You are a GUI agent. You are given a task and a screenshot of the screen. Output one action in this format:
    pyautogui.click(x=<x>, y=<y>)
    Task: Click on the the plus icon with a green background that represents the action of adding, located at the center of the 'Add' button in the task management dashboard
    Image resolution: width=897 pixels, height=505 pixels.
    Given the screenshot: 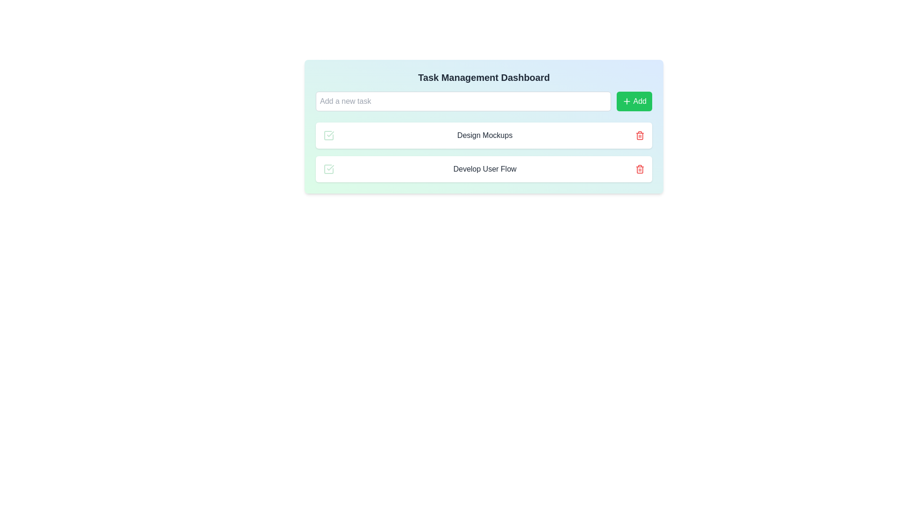 What is the action you would take?
    pyautogui.click(x=626, y=101)
    